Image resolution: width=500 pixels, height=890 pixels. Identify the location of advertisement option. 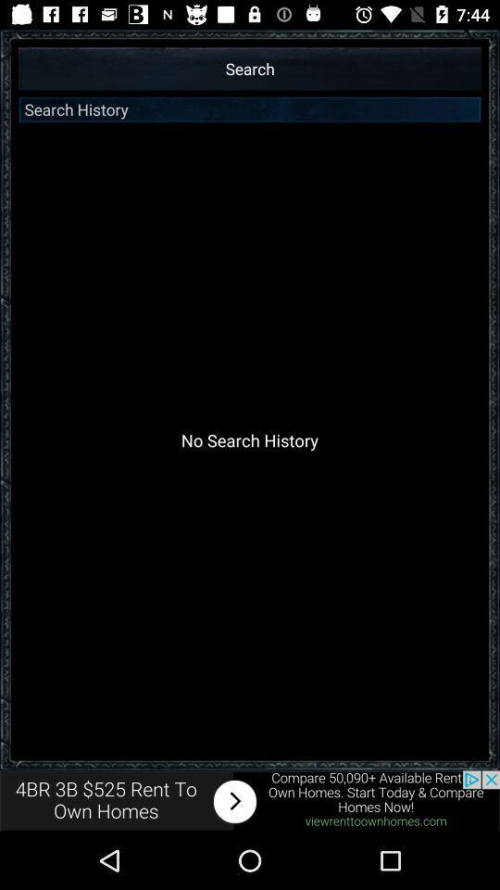
(250, 800).